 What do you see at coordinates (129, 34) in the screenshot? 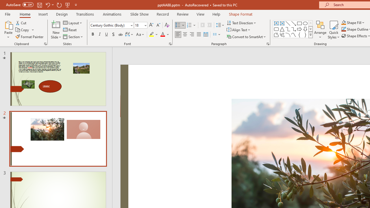
I see `'Character Spacing'` at bounding box center [129, 34].